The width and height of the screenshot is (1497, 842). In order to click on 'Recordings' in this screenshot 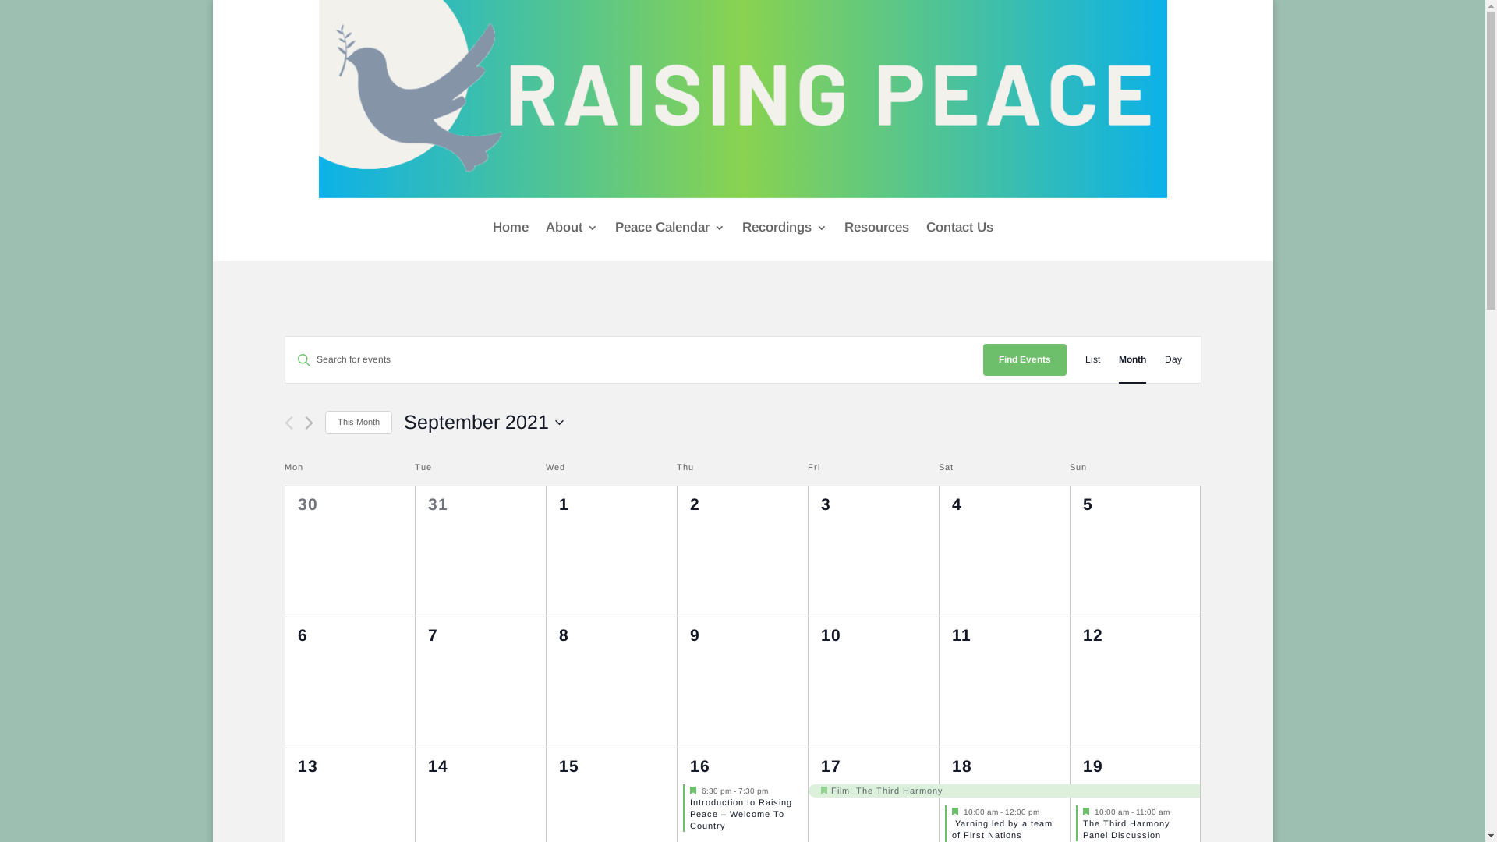, I will do `click(784, 228)`.